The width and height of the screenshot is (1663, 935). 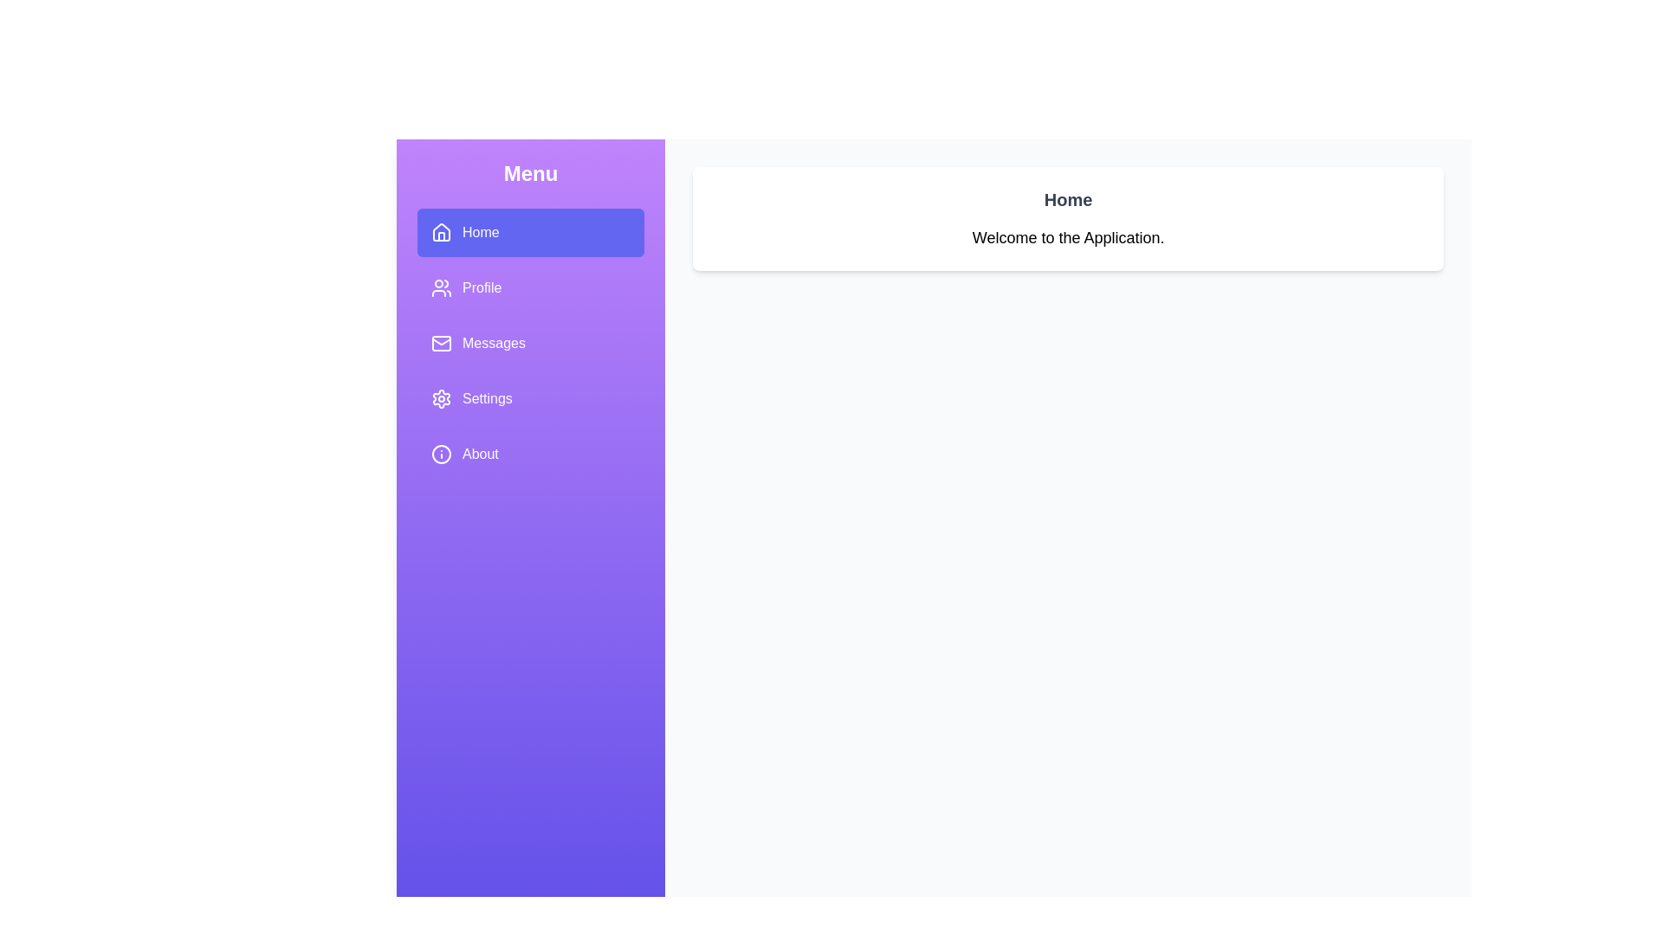 I want to click on the house-shaped SVG icon located in the left sidebar menu, specifically inside the 'Home' menu item, which is styled with a white fill and borders against a purple background, so click(x=441, y=232).